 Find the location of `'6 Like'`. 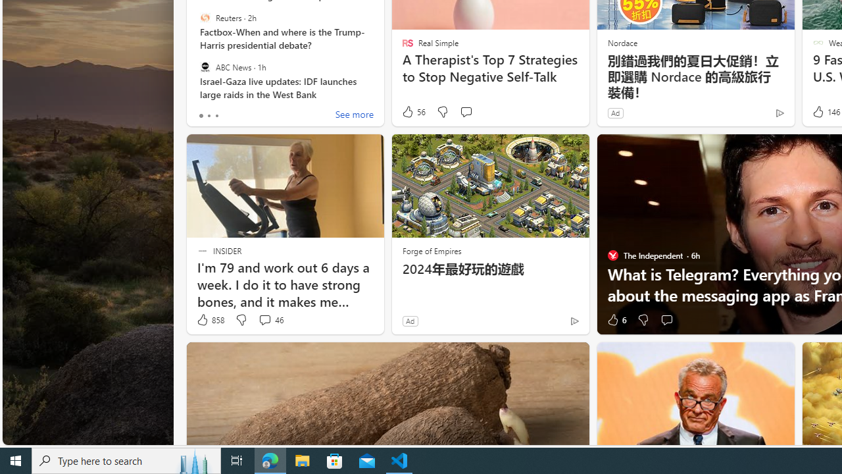

'6 Like' is located at coordinates (615, 320).